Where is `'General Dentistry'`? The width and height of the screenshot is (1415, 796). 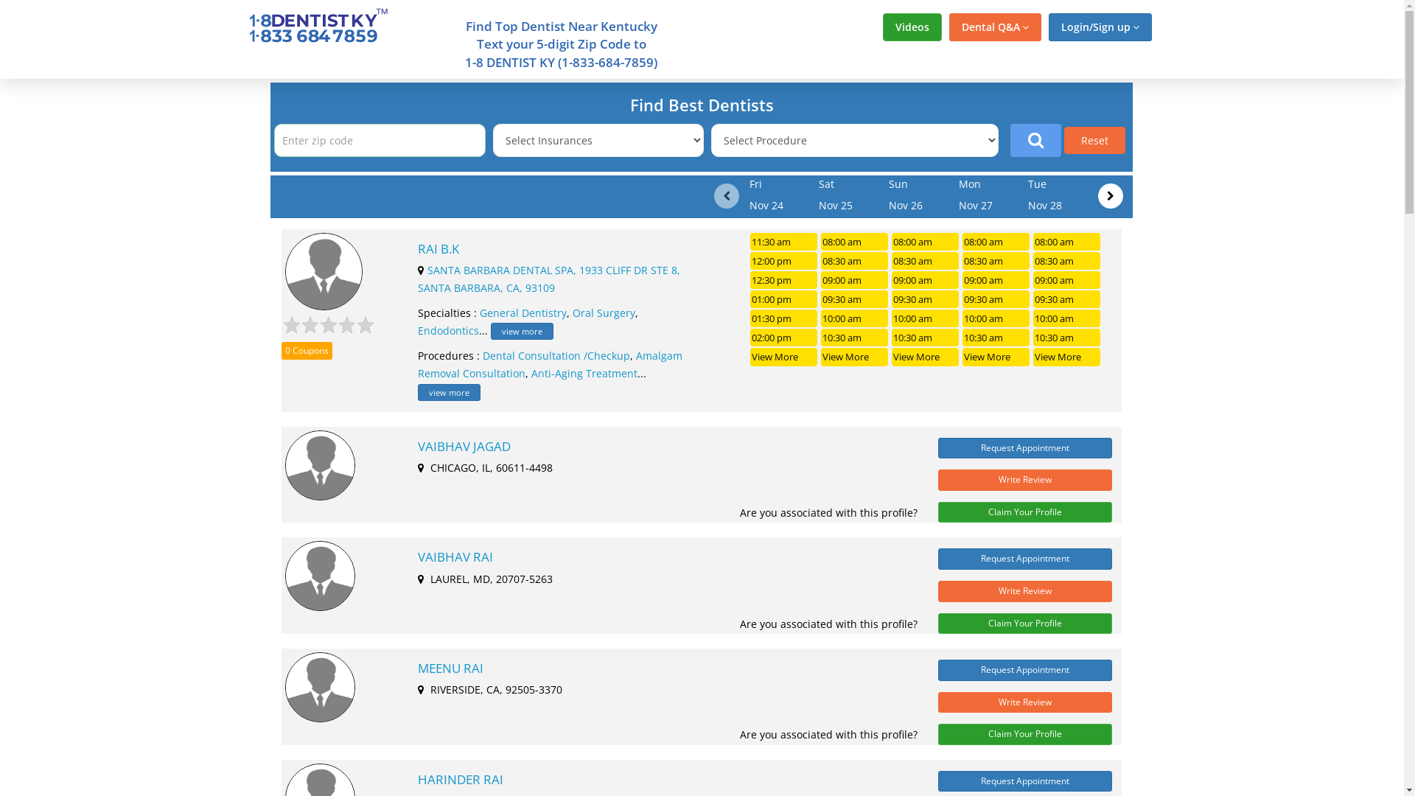 'General Dentistry' is located at coordinates (480, 312).